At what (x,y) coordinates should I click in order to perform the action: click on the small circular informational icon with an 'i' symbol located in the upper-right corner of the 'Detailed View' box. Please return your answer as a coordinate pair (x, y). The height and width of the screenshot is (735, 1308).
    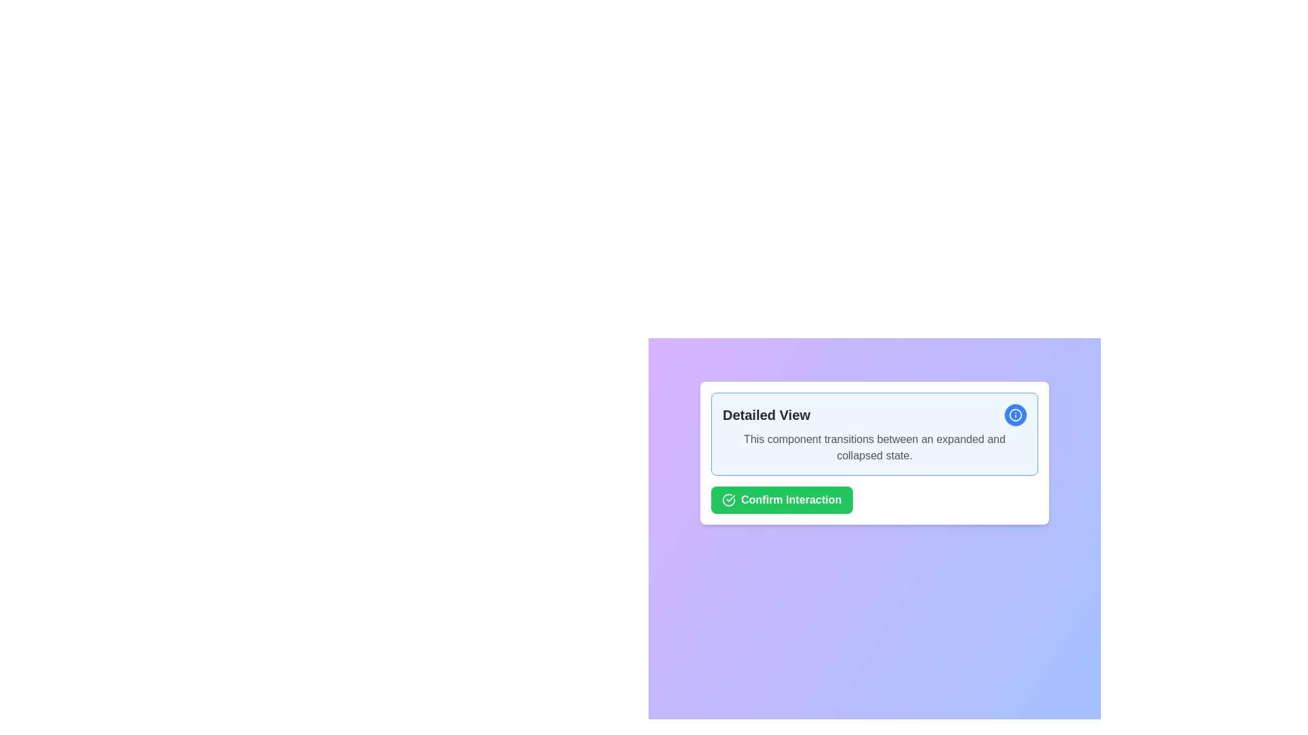
    Looking at the image, I should click on (1016, 414).